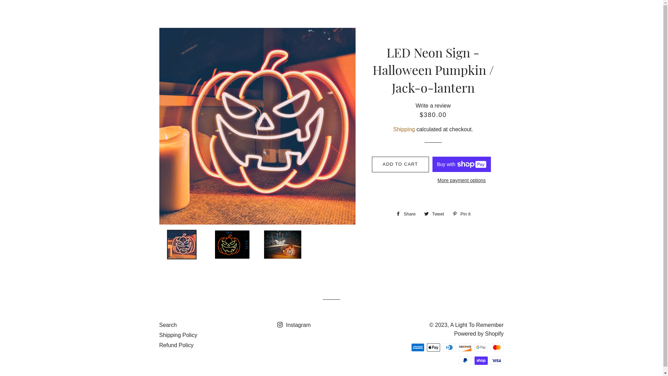 The width and height of the screenshot is (668, 376). What do you see at coordinates (450, 325) in the screenshot?
I see `'A Light To Remember'` at bounding box center [450, 325].